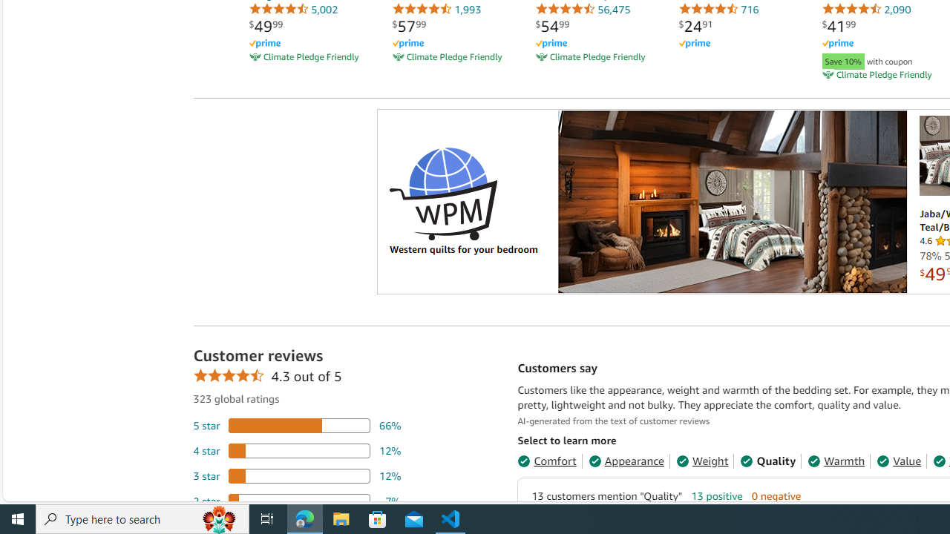  I want to click on '5,002', so click(293, 9).